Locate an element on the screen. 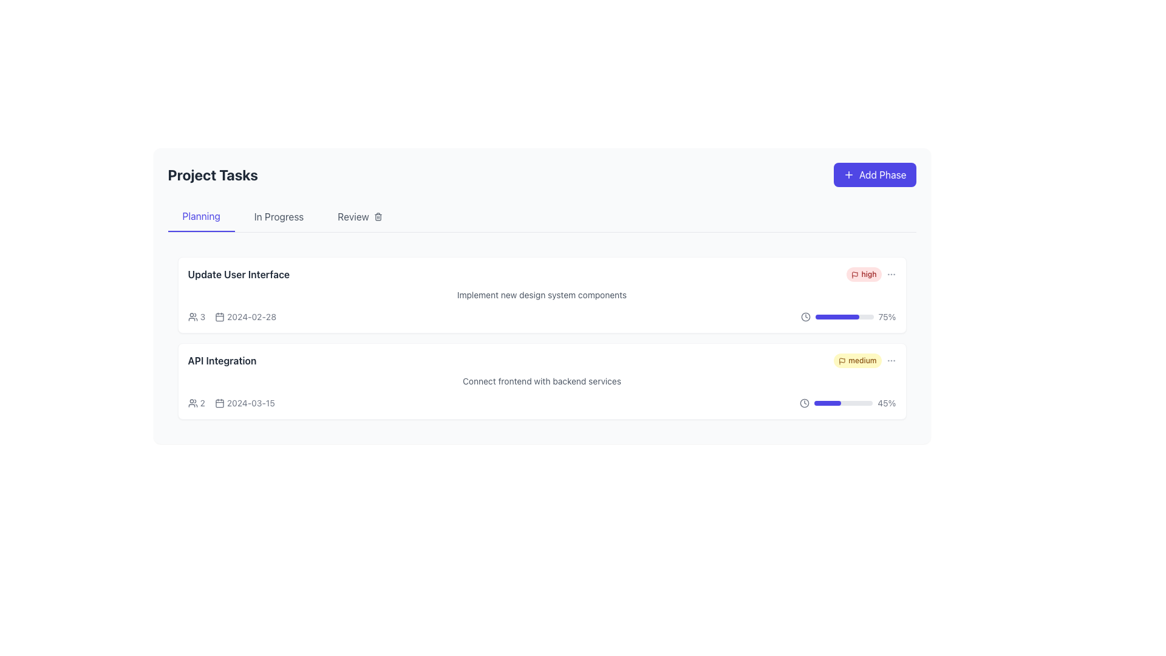 This screenshot has height=656, width=1166. the date icon located to the left of the text '2024-02-28' in the 'Update User Interface' task section for potential actions is located at coordinates (219, 316).